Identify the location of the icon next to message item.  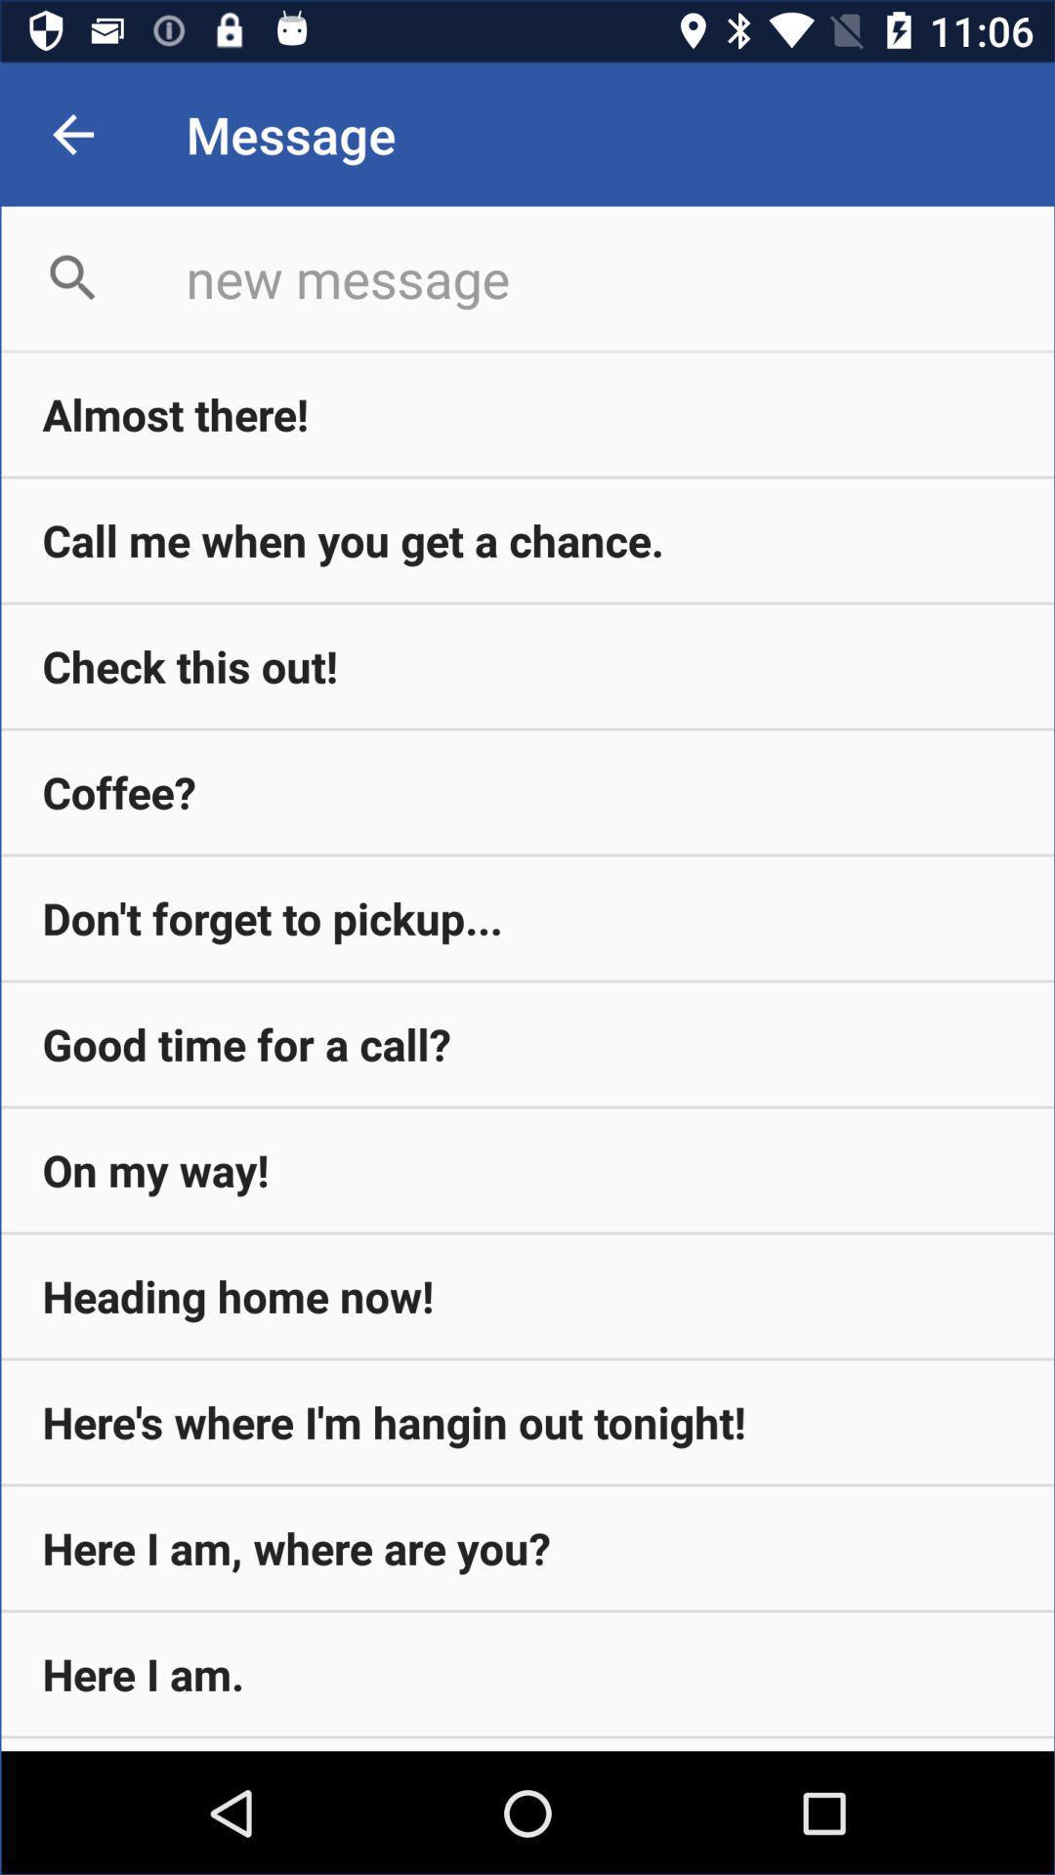
(71, 134).